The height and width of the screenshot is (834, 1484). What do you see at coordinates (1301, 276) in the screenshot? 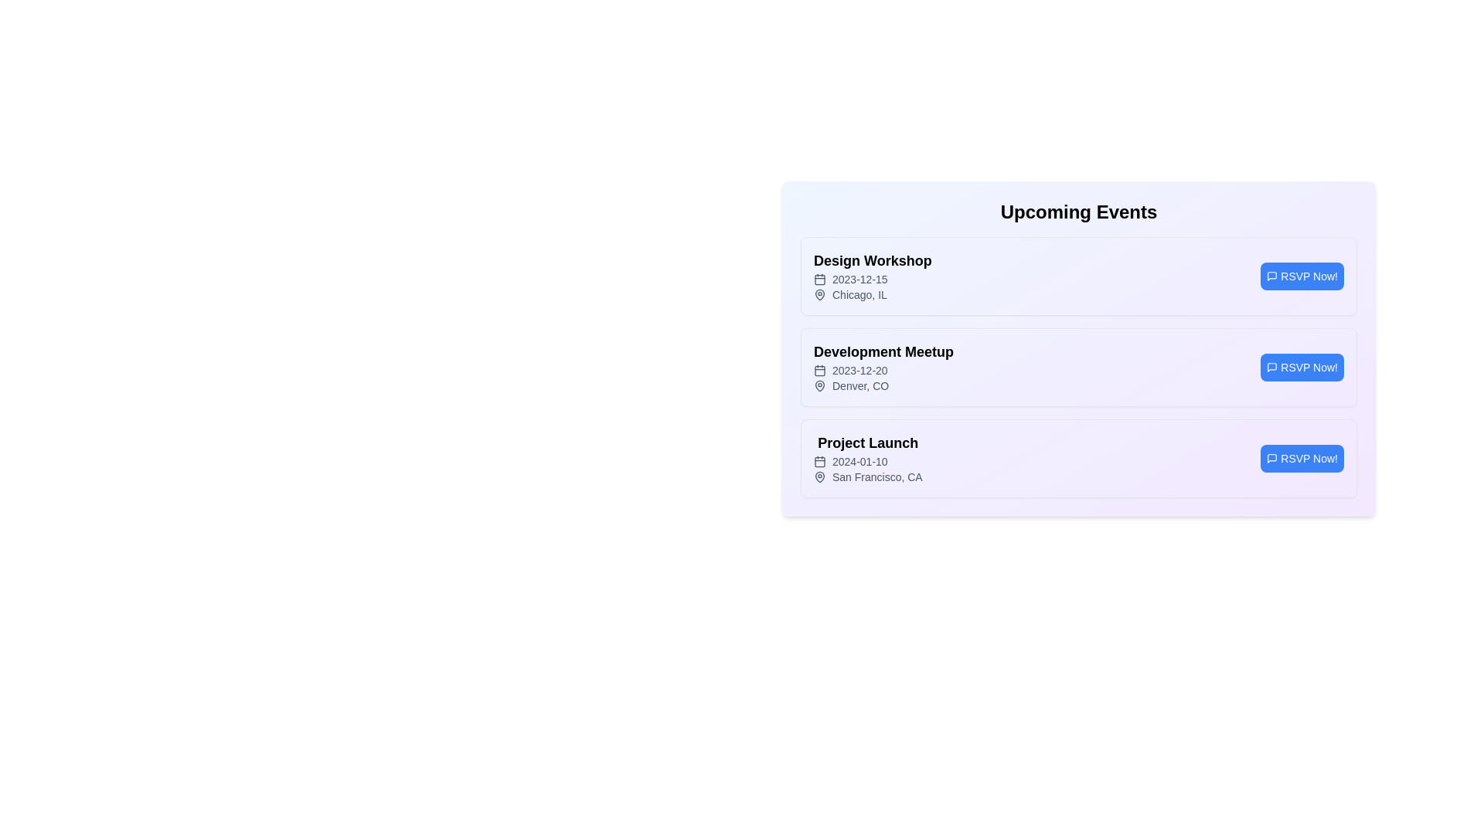
I see `the RSVP button for the event titled 'Design Workshop'` at bounding box center [1301, 276].